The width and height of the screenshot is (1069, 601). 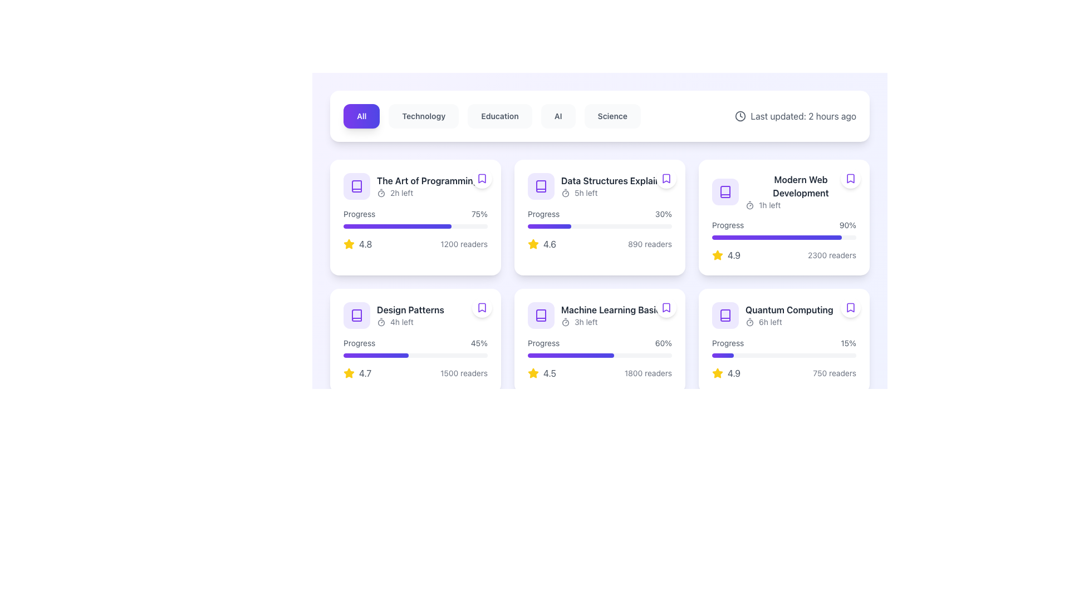 What do you see at coordinates (499, 116) in the screenshot?
I see `the 'Education' button to filter content related to educational topics` at bounding box center [499, 116].